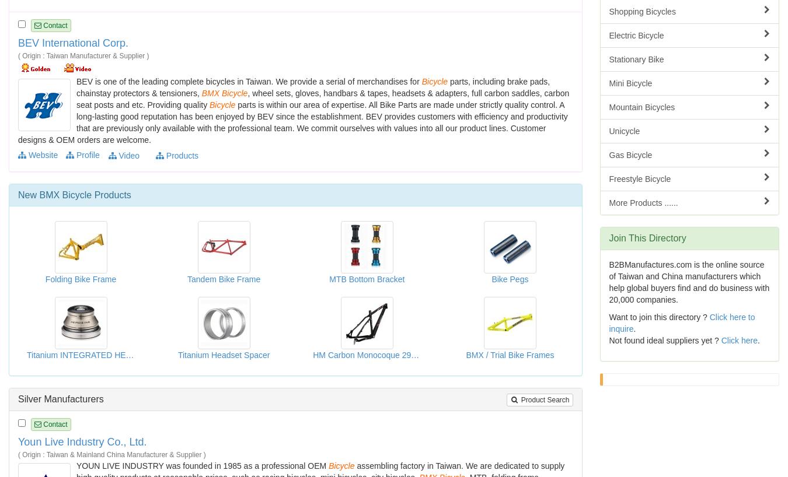 The image size is (788, 477). What do you see at coordinates (60, 398) in the screenshot?
I see `'Silver Manufacturers'` at bounding box center [60, 398].